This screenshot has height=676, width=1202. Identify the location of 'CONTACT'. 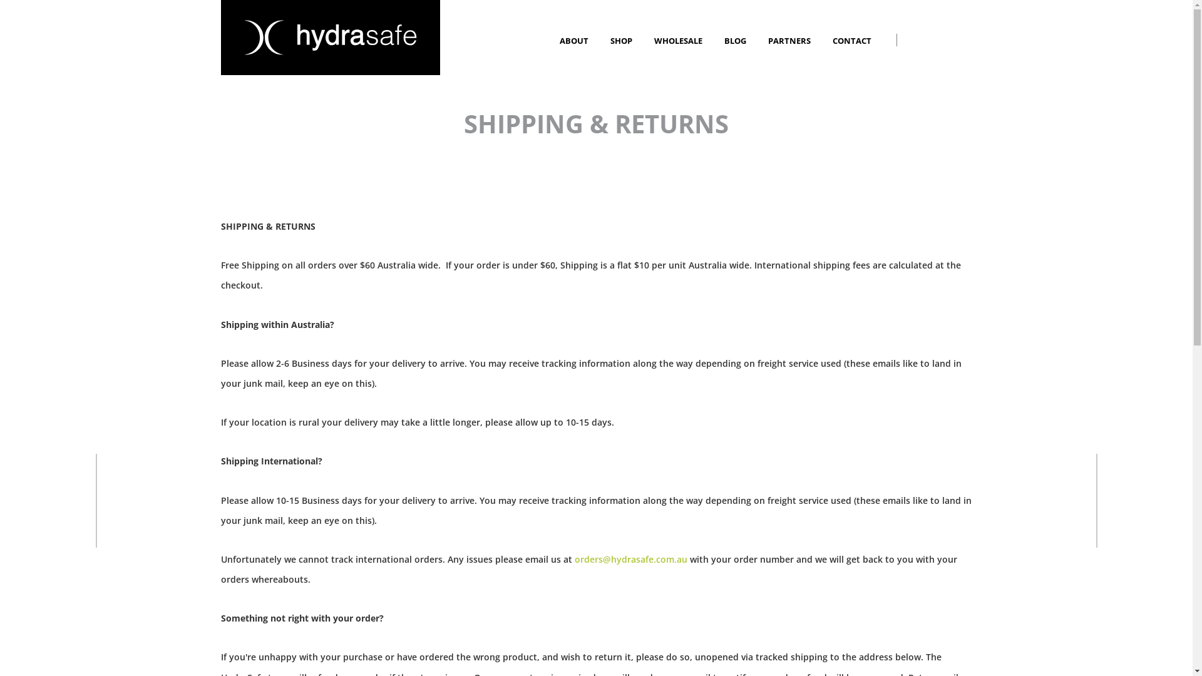
(853, 40).